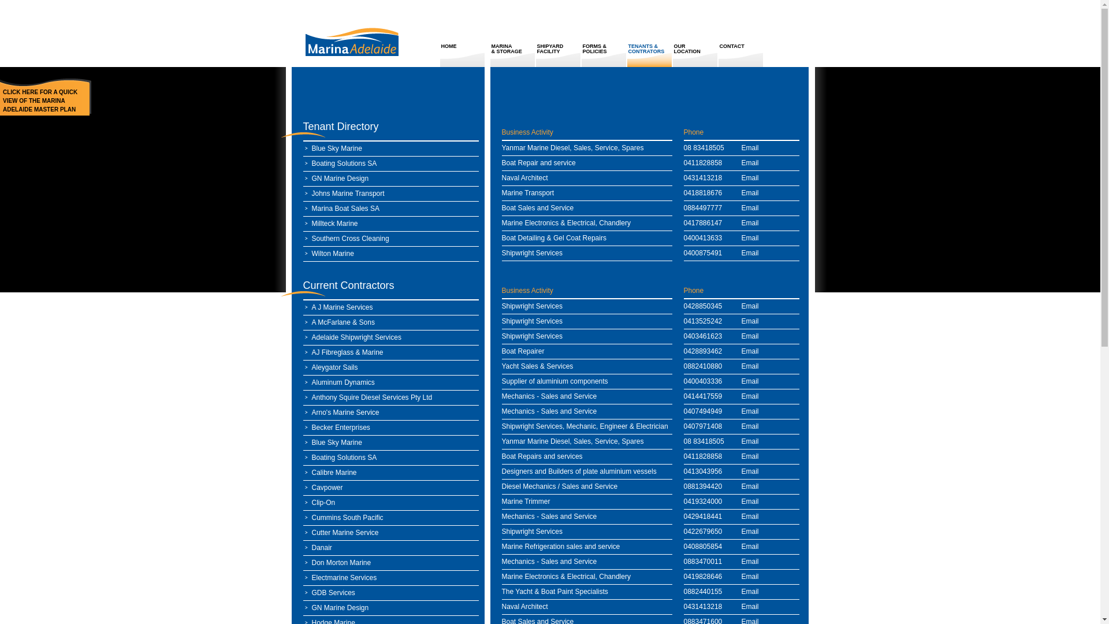 The image size is (1109, 624). I want to click on 'Email', so click(750, 546).